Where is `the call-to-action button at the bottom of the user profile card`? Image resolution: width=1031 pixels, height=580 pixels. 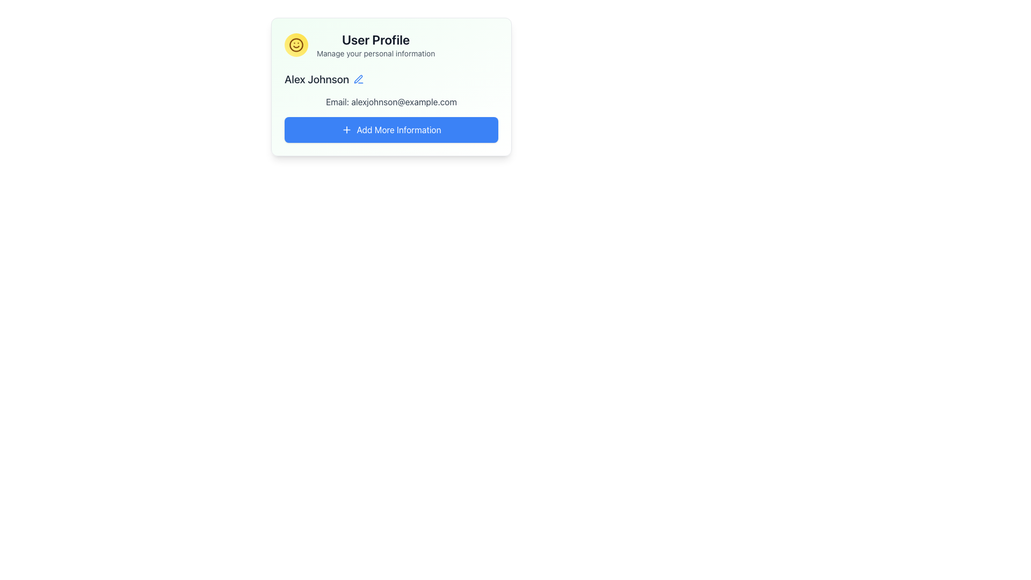 the call-to-action button at the bottom of the user profile card is located at coordinates (391, 129).